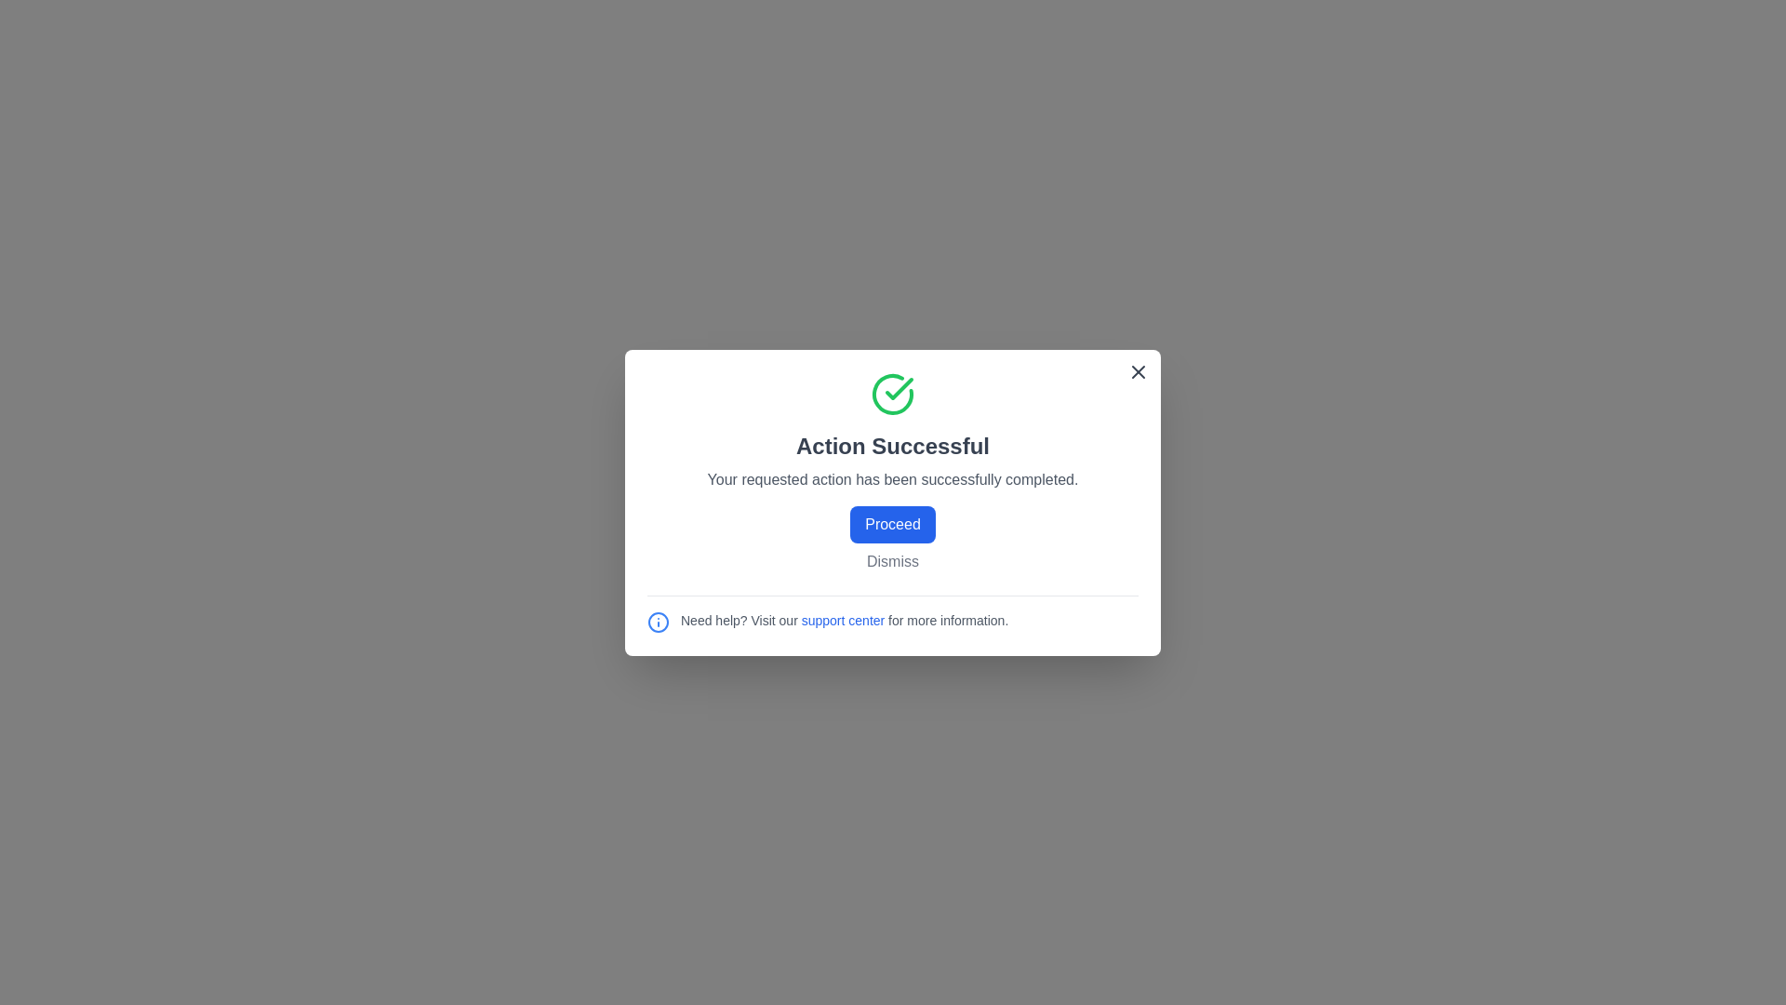 Image resolution: width=1786 pixels, height=1005 pixels. What do you see at coordinates (893, 478) in the screenshot?
I see `the static text element that provides feedback for successful action completion, located below the 'Action Successful' header and above the 'Proceed' and 'Dismiss' buttons` at bounding box center [893, 478].